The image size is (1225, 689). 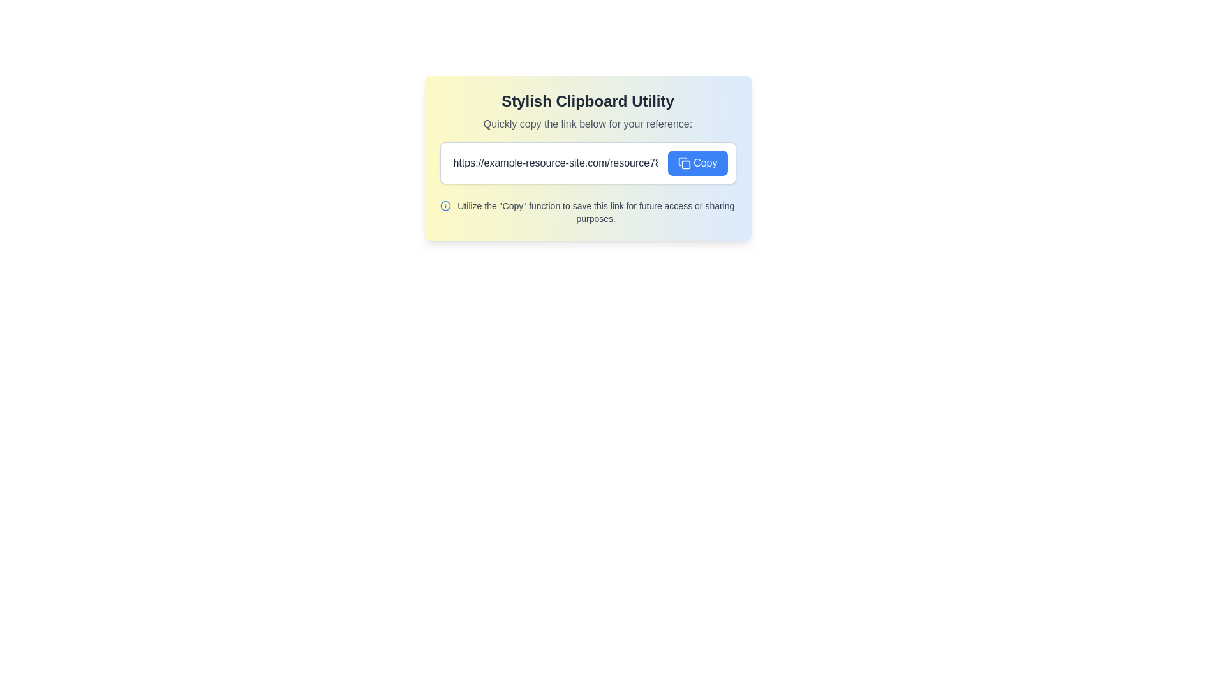 What do you see at coordinates (445, 205) in the screenshot?
I see `the circular blue outlined icon with a white interior and an 'i' character in the center` at bounding box center [445, 205].